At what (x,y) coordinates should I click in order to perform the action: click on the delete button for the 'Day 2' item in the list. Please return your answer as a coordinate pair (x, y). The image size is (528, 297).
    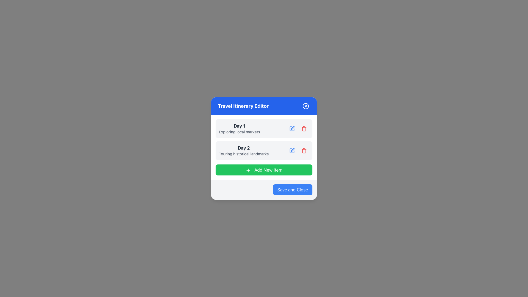
    Looking at the image, I should click on (304, 150).